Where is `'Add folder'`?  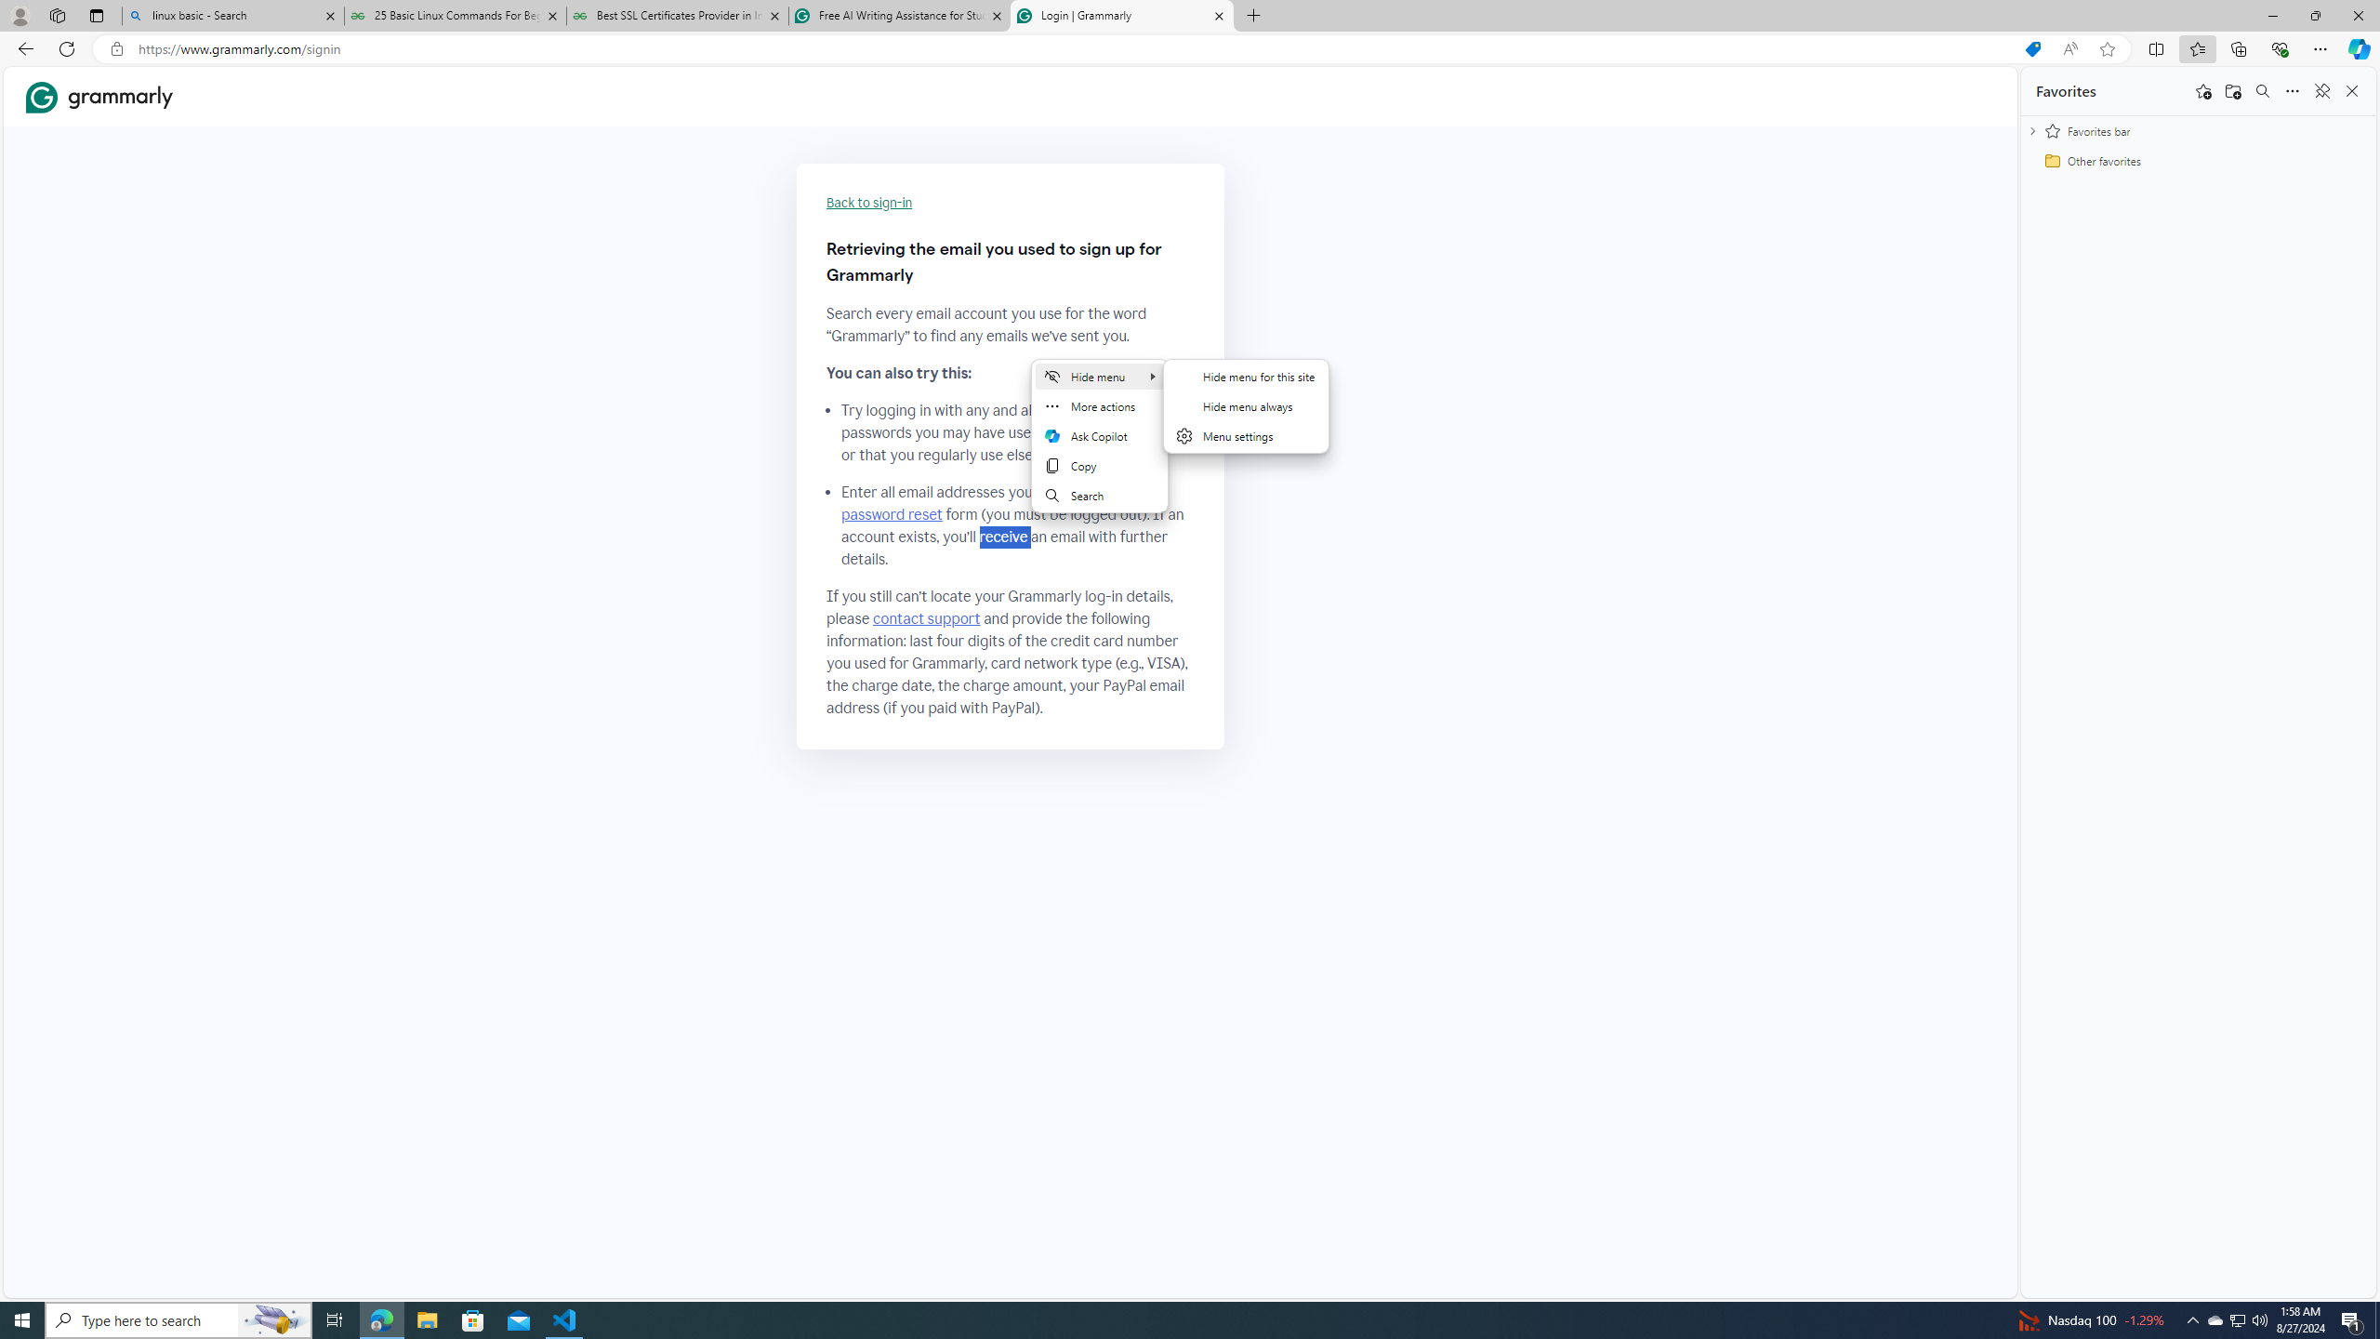
'Add folder' is located at coordinates (2232, 89).